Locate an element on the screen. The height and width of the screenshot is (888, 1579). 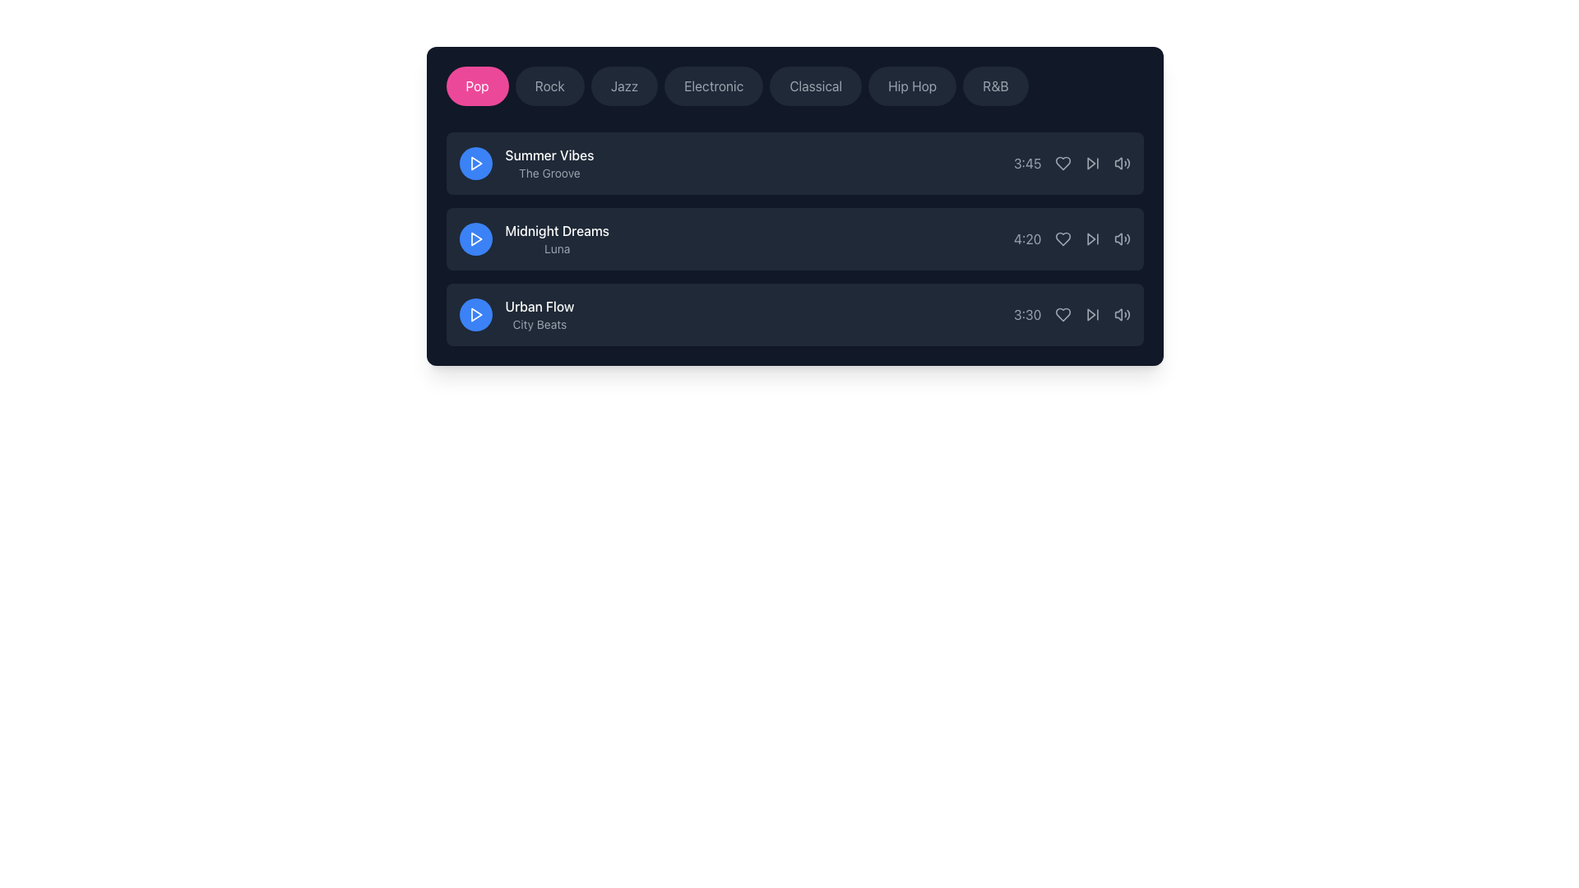
the prominent circular button with a blue background and a white triangular play symbol, located to the left of the 'Midnight Dreams' and 'Luna' labels, for interaction feedback is located at coordinates (475, 238).